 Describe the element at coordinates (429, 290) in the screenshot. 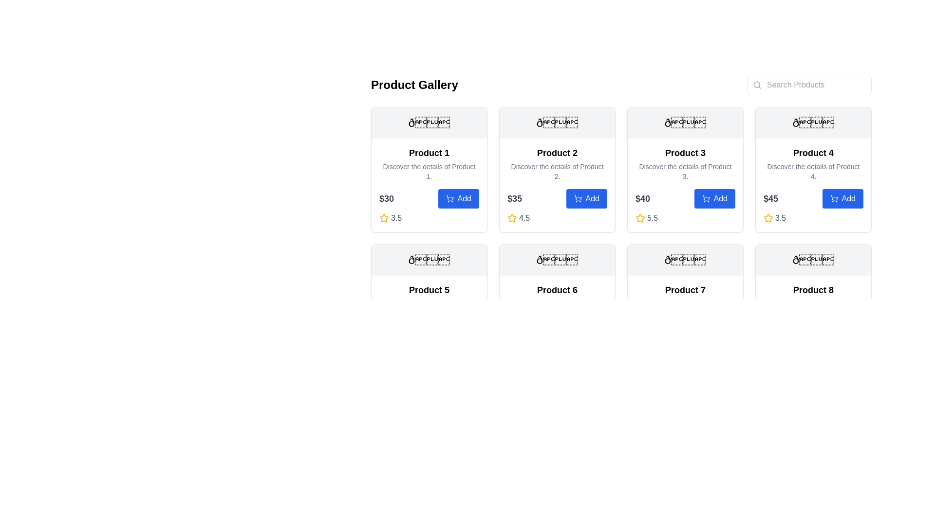

I see `the text label 'Product 5' which is styled in bold and enlarged font located in the second row, first column of the product grid` at that location.